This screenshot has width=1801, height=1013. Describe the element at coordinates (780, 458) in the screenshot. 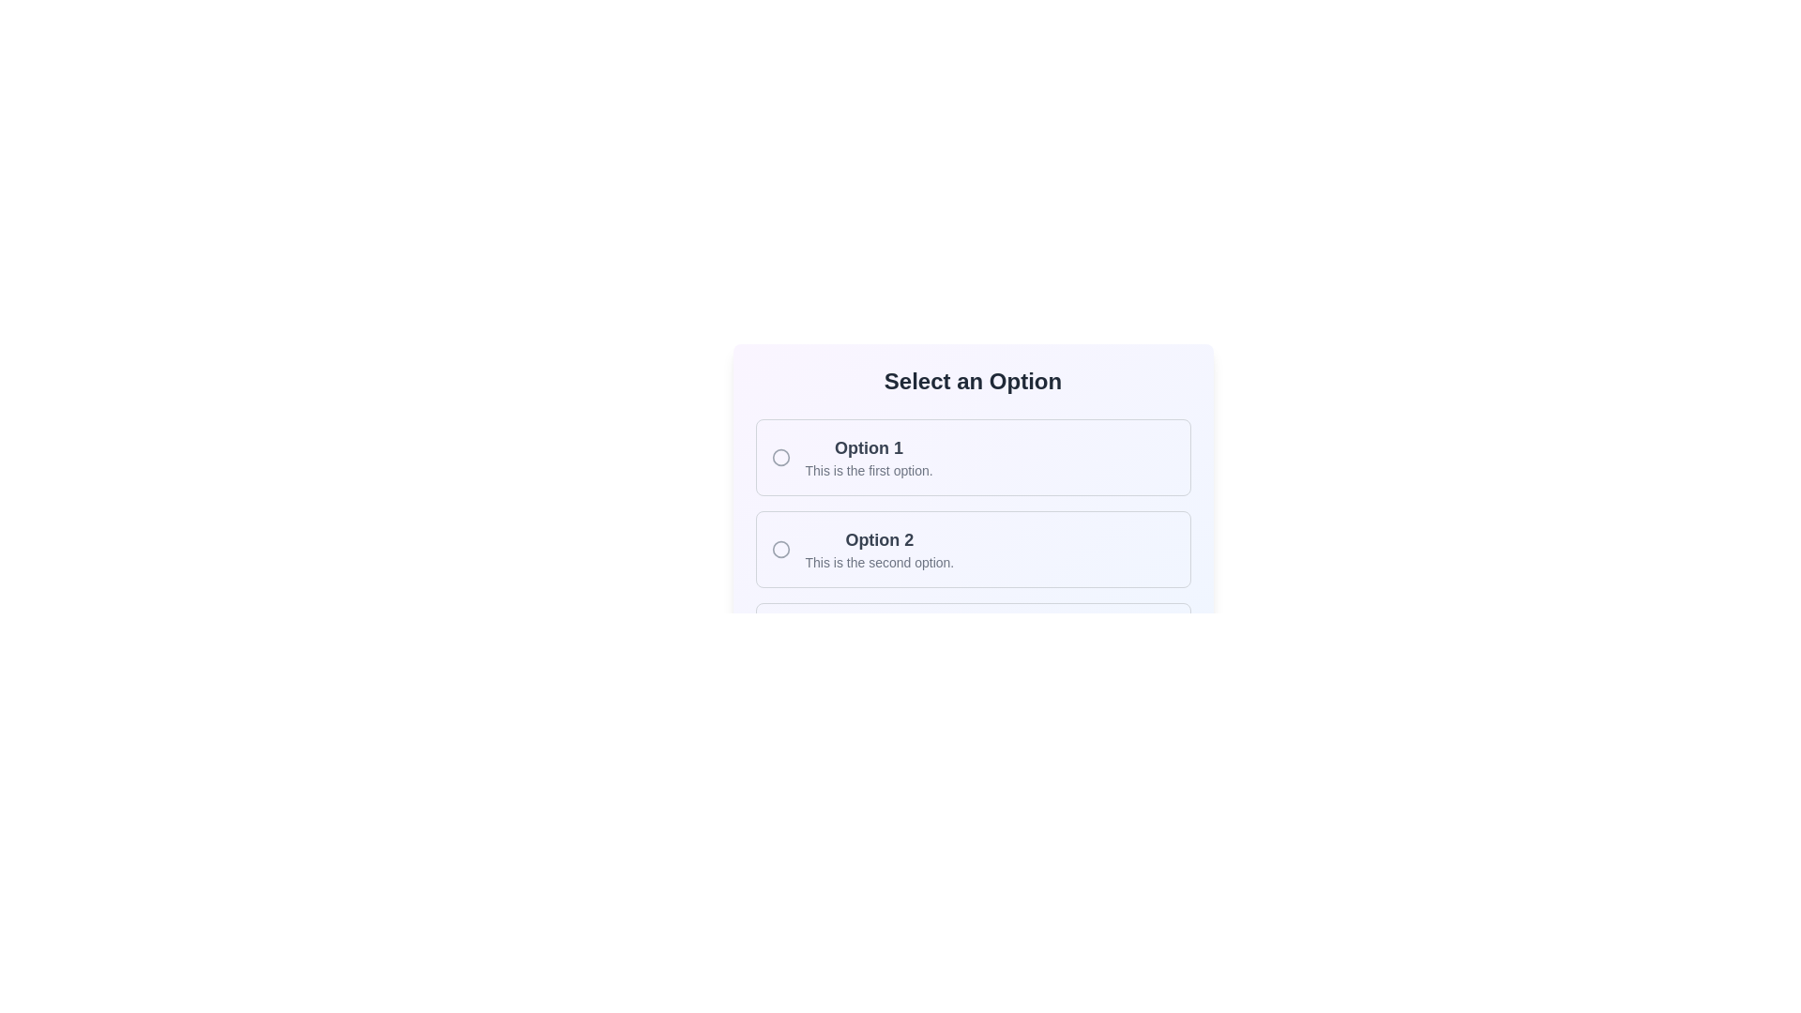

I see `the circular icon representing the first option in the list labeled 'Option 1'` at that location.